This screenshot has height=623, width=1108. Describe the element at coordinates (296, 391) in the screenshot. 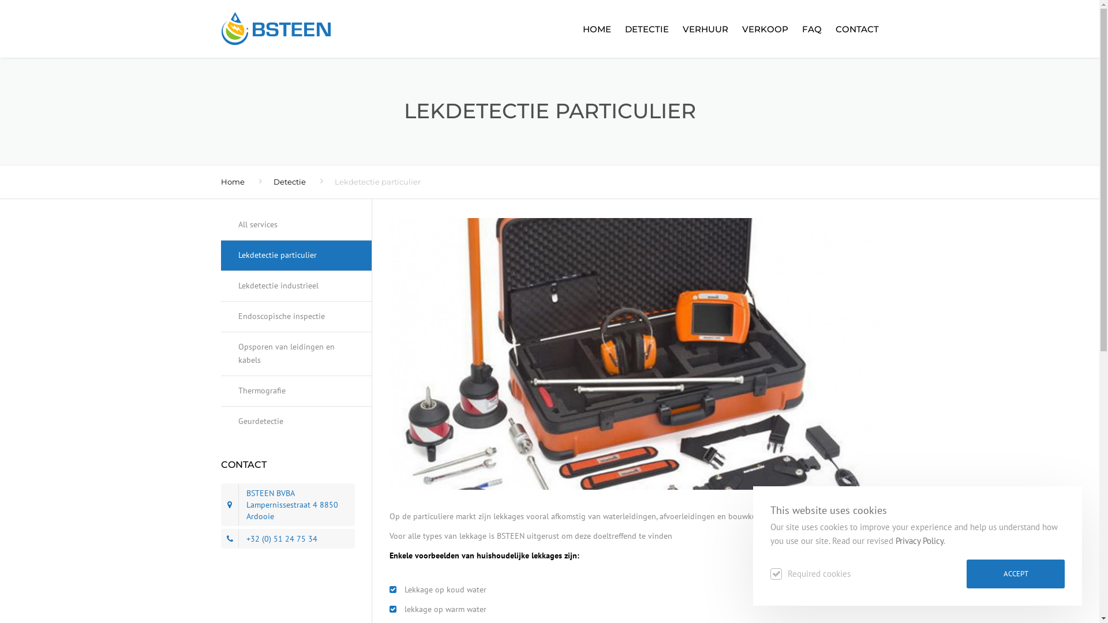

I see `'Thermografie'` at that location.